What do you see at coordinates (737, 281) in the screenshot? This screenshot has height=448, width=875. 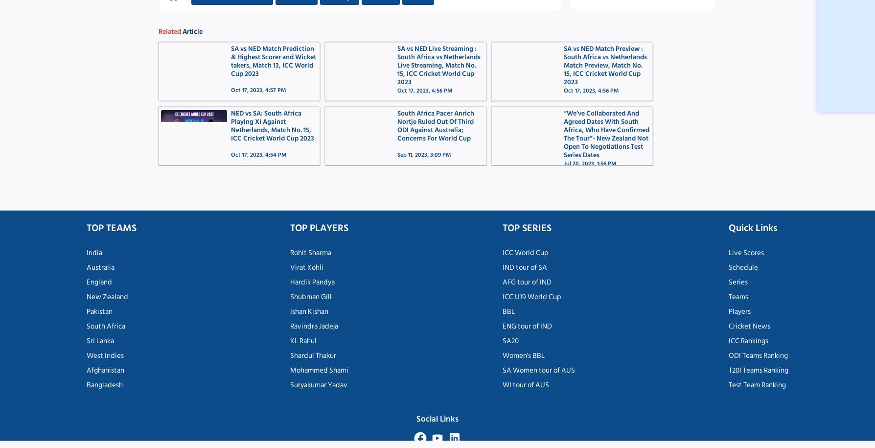 I see `'Series'` at bounding box center [737, 281].